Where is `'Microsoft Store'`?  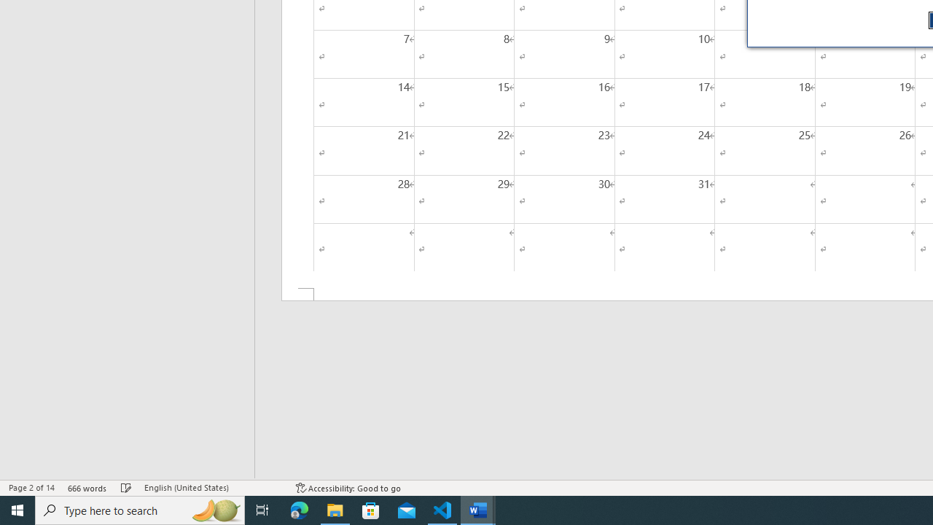
'Microsoft Store' is located at coordinates (371, 509).